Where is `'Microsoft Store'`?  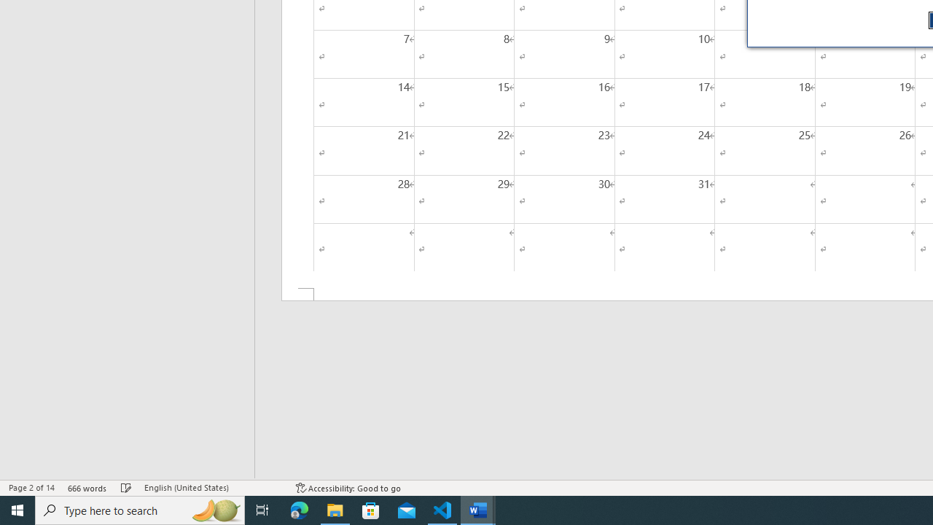
'Microsoft Store' is located at coordinates (371, 509).